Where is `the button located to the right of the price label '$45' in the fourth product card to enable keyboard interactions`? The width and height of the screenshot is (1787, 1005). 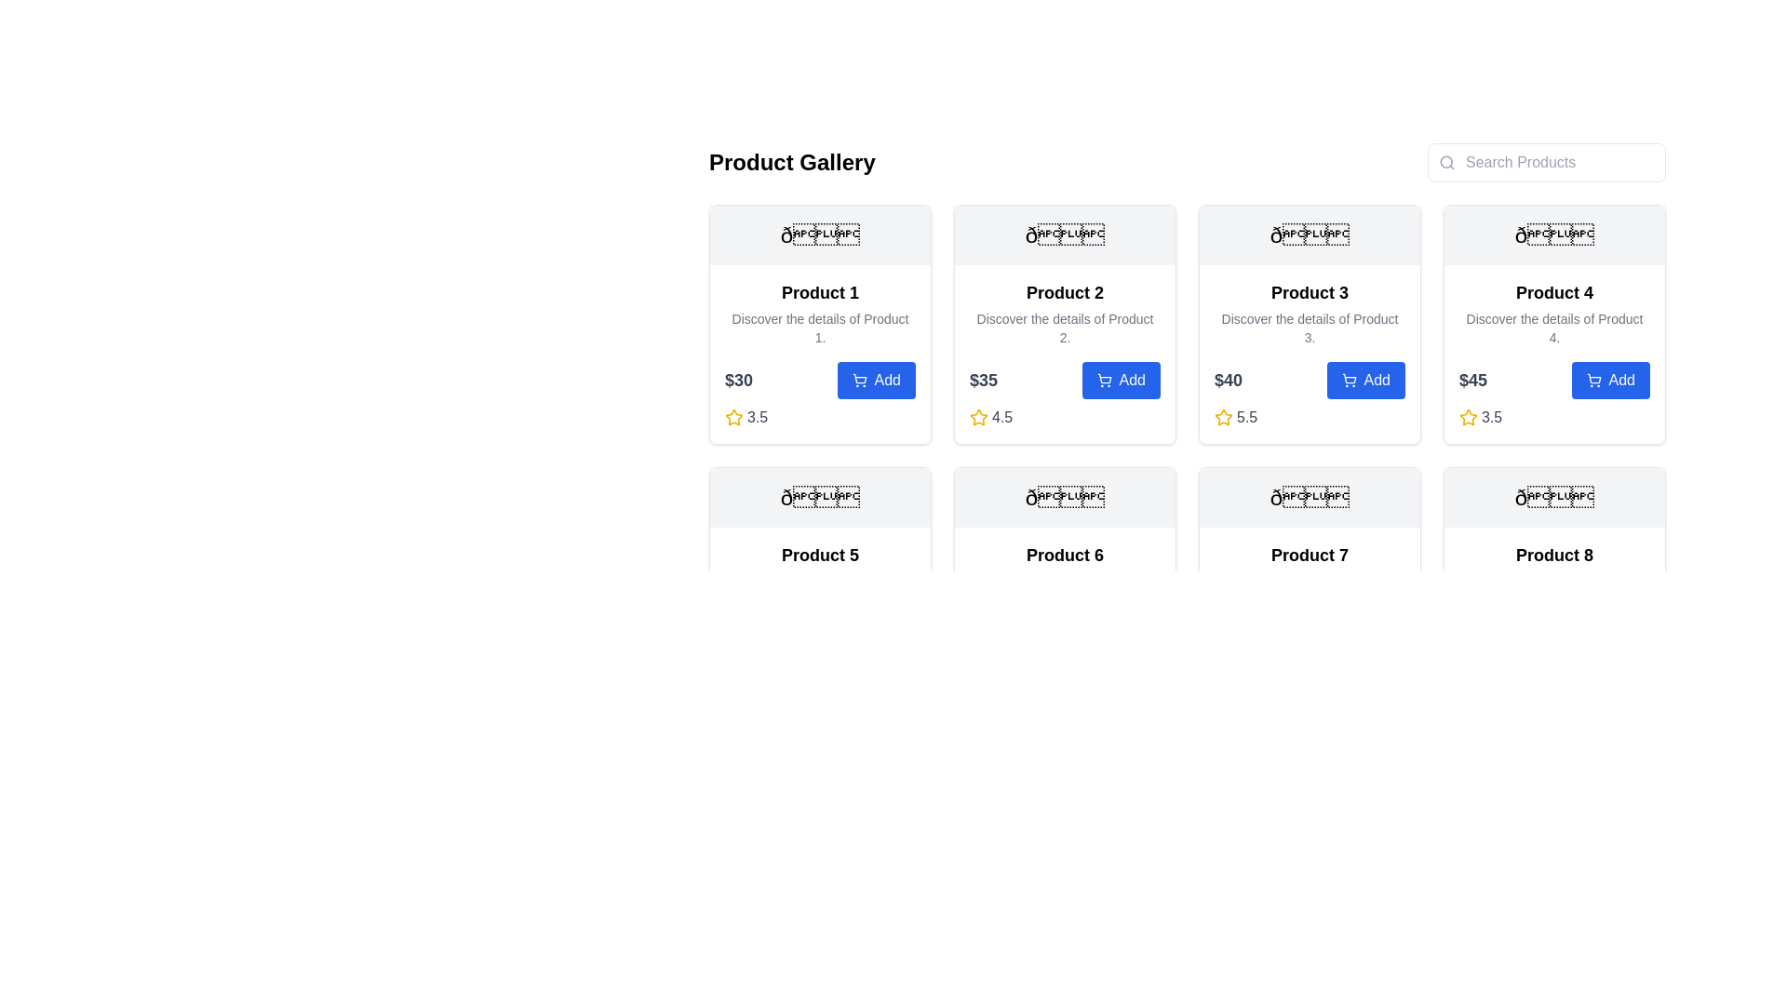 the button located to the right of the price label '$45' in the fourth product card to enable keyboard interactions is located at coordinates (1609, 379).